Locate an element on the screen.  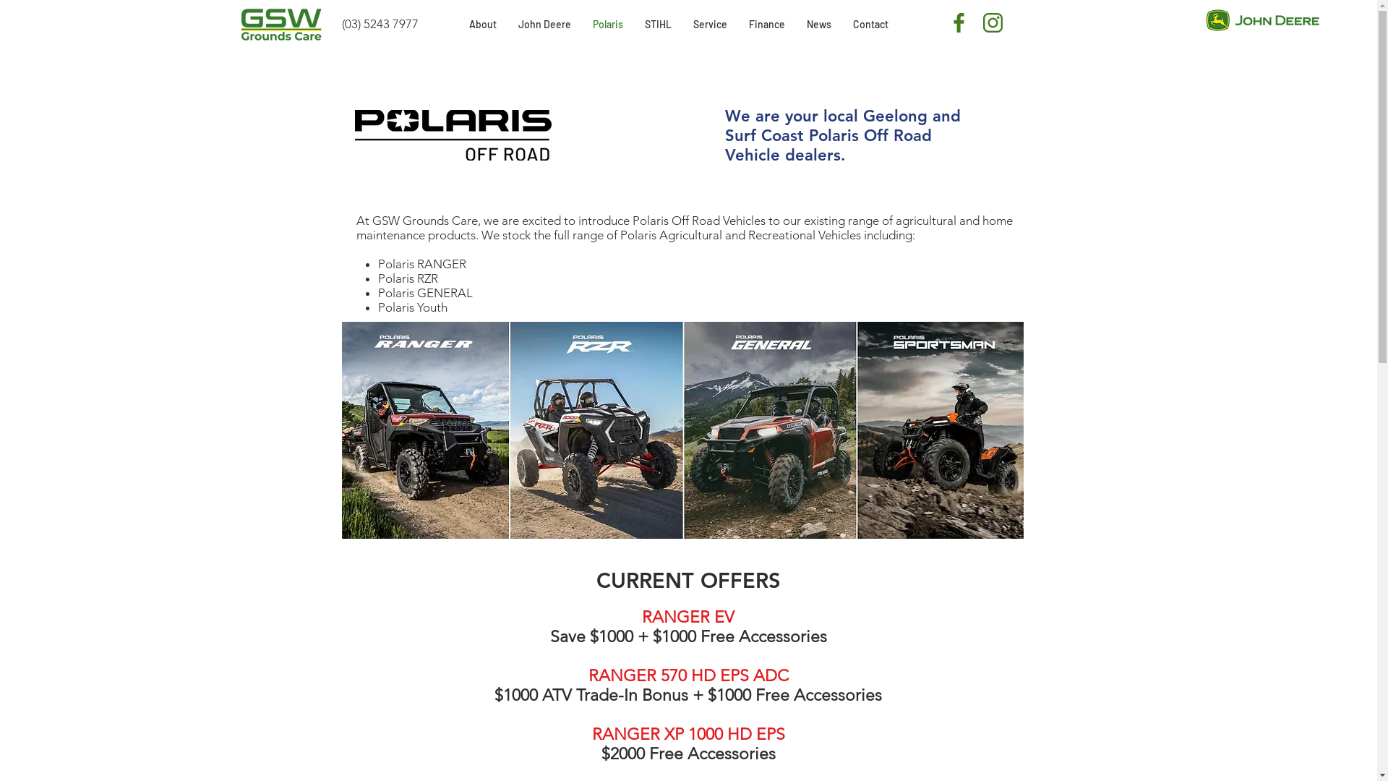
'About' is located at coordinates (482, 24).